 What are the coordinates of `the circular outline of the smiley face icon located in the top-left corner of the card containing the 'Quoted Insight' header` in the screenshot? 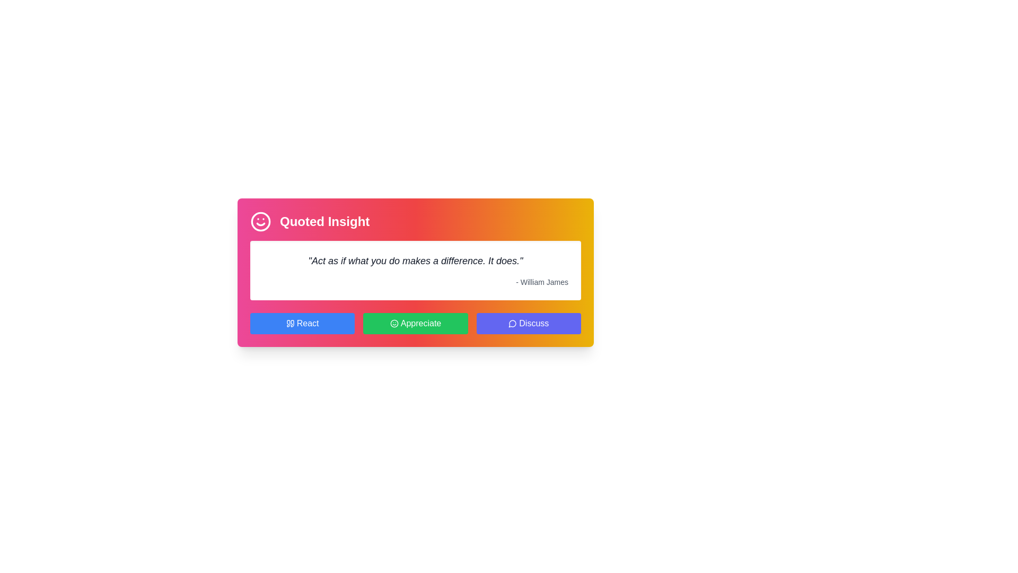 It's located at (393, 323).